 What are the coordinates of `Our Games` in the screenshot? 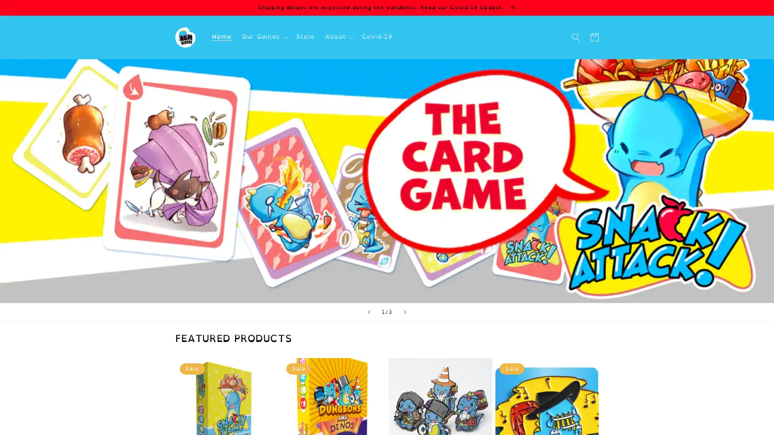 It's located at (264, 37).